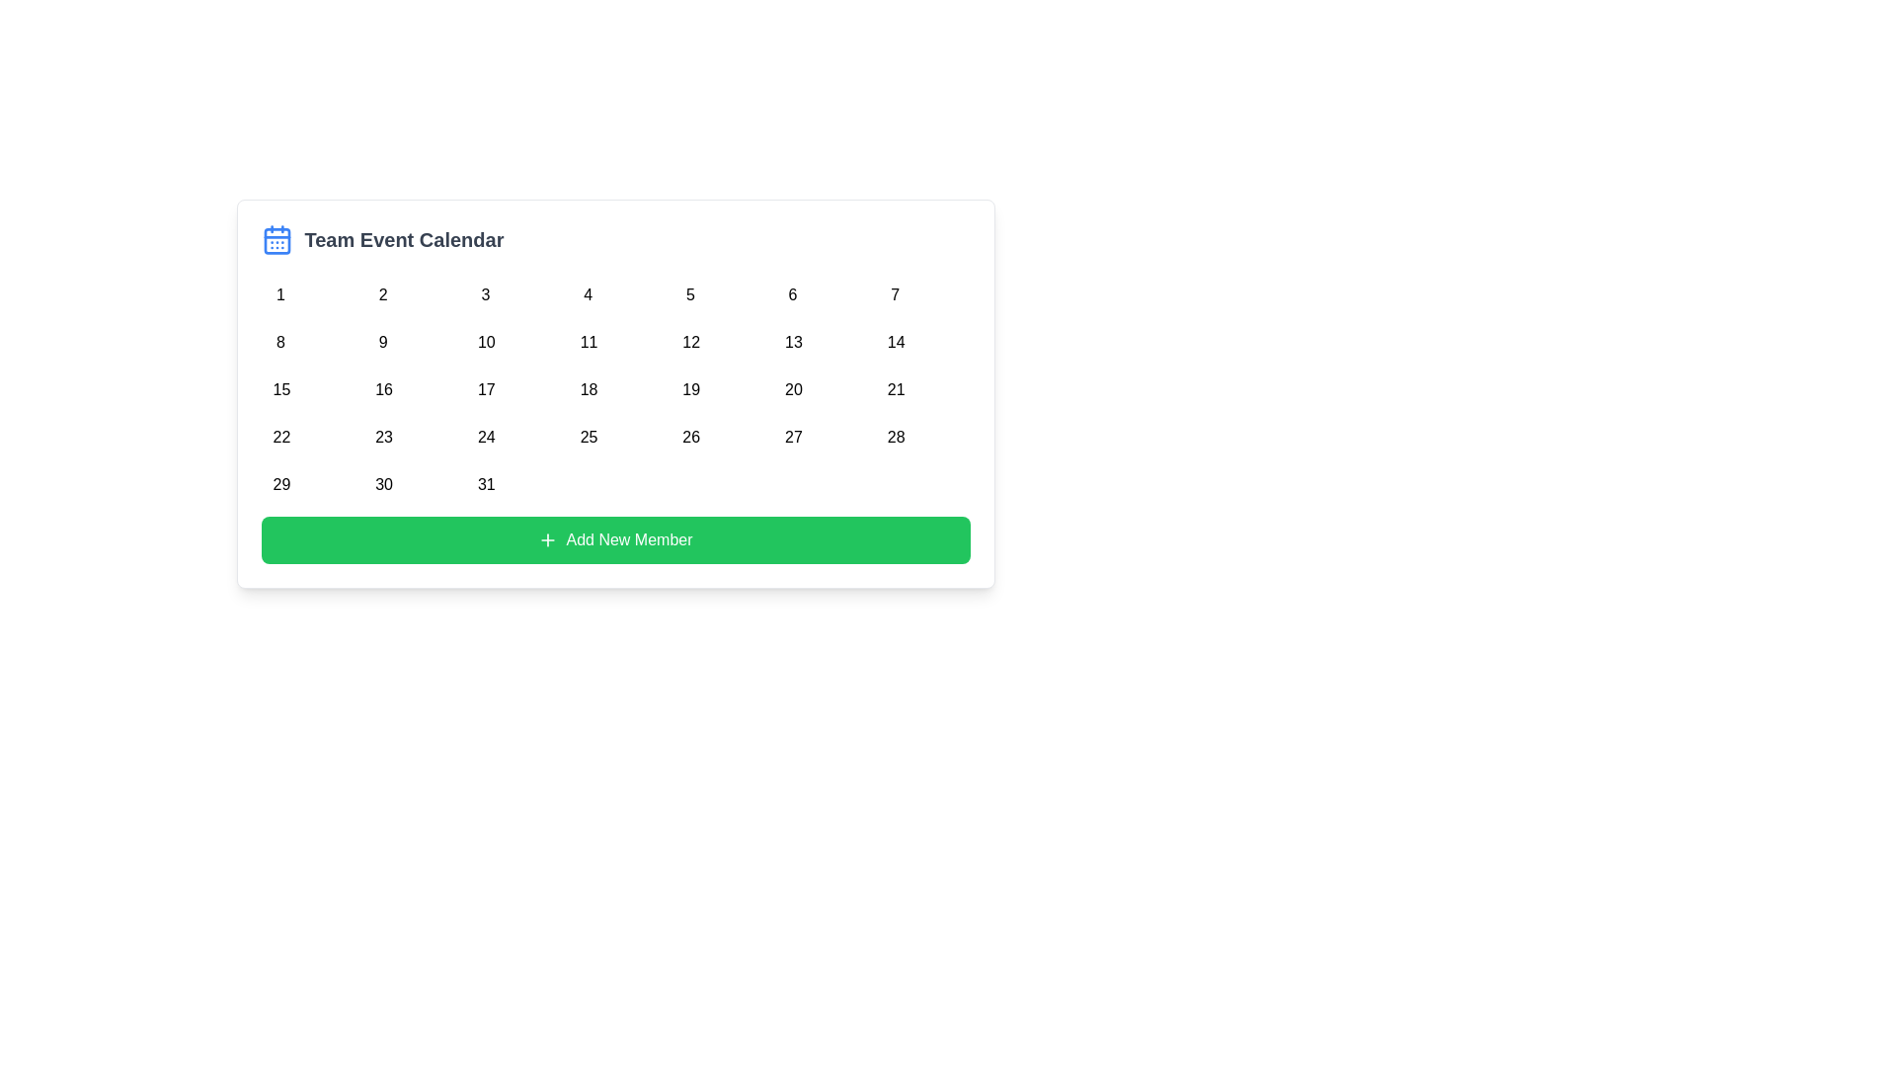  I want to click on the Button displaying '23' in black font, located in the second position of the fourth row of the calendar grid, so click(383, 433).